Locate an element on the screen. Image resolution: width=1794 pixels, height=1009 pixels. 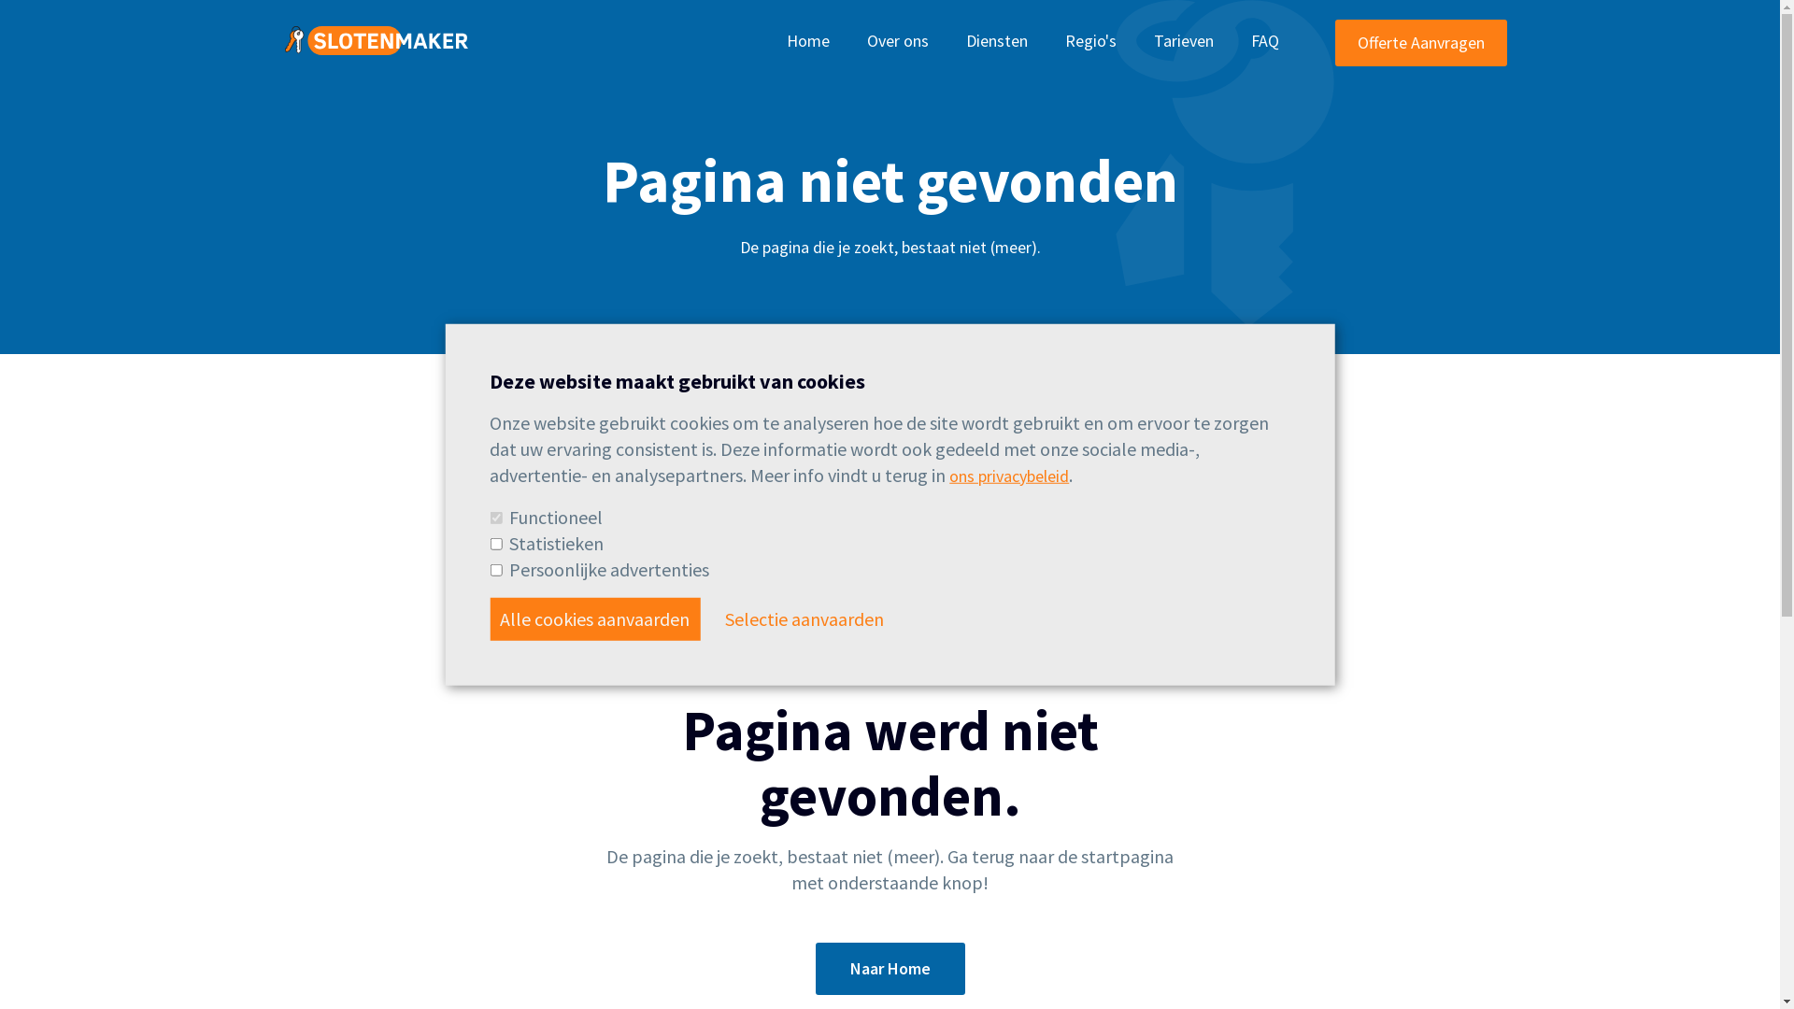
'Over ons' is located at coordinates (897, 40).